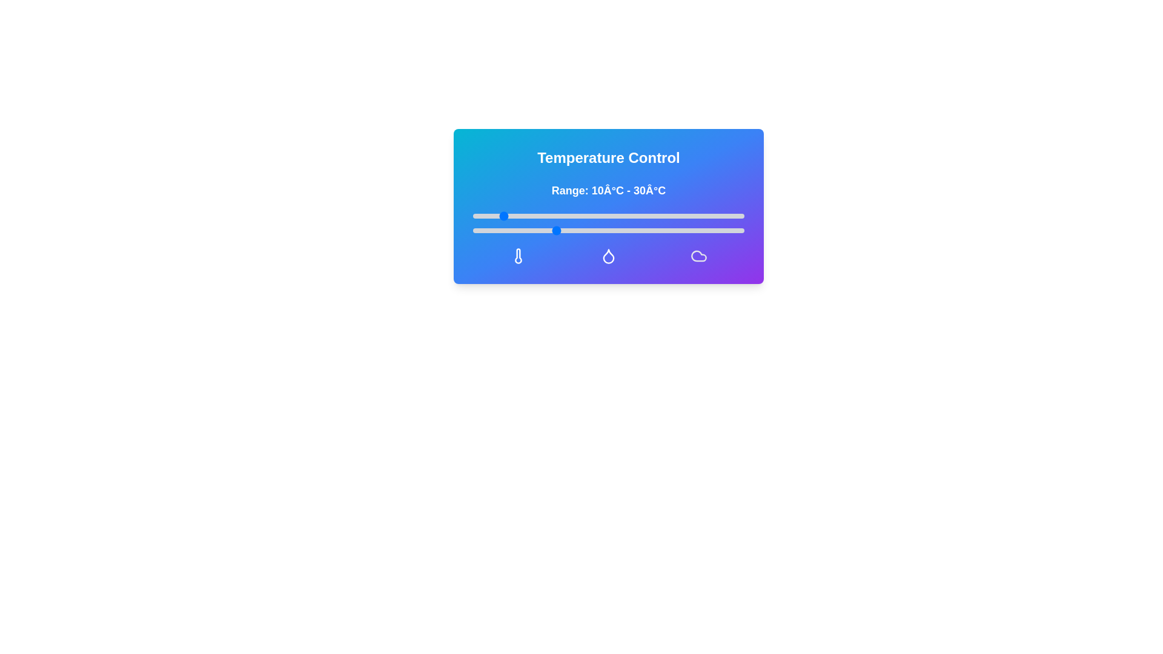  What do you see at coordinates (497, 231) in the screenshot?
I see `the slider` at bounding box center [497, 231].